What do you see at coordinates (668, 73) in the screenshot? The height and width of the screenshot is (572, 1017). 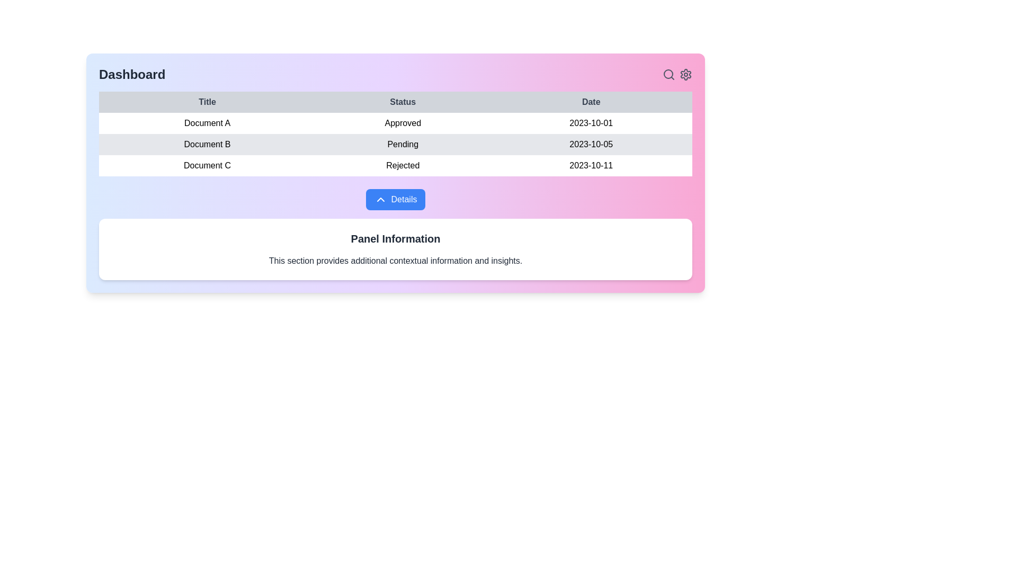 I see `the SVG Circle element that forms part of the circular base of the magnifying glass icon located in the top-right corner of the application's header` at bounding box center [668, 73].